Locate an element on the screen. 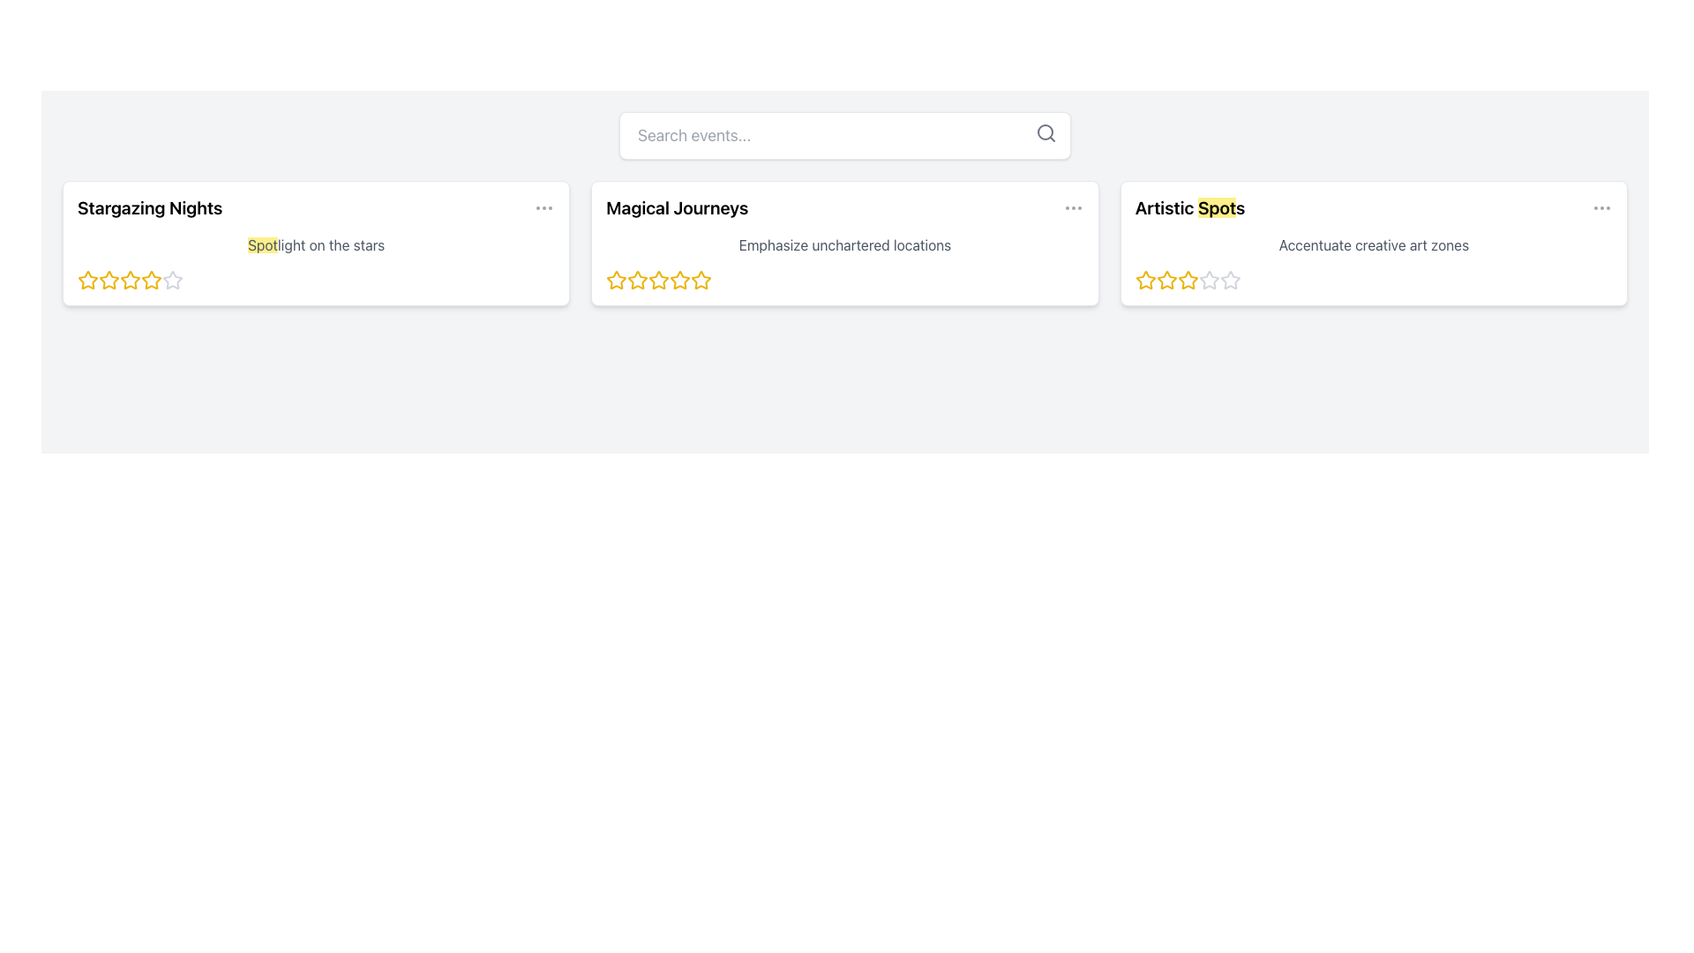 Image resolution: width=1694 pixels, height=953 pixels. the fifth star icon in the rating component below the text 'Artistic Spots' is located at coordinates (1228, 278).